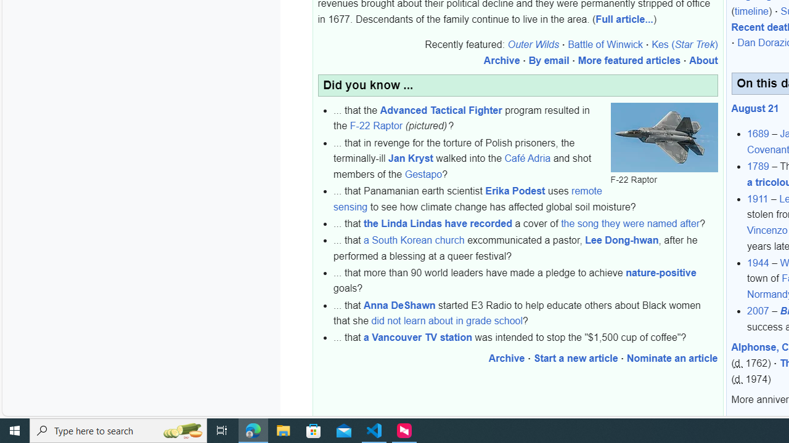  Describe the element at coordinates (751, 12) in the screenshot. I see `'(timeline)'` at that location.